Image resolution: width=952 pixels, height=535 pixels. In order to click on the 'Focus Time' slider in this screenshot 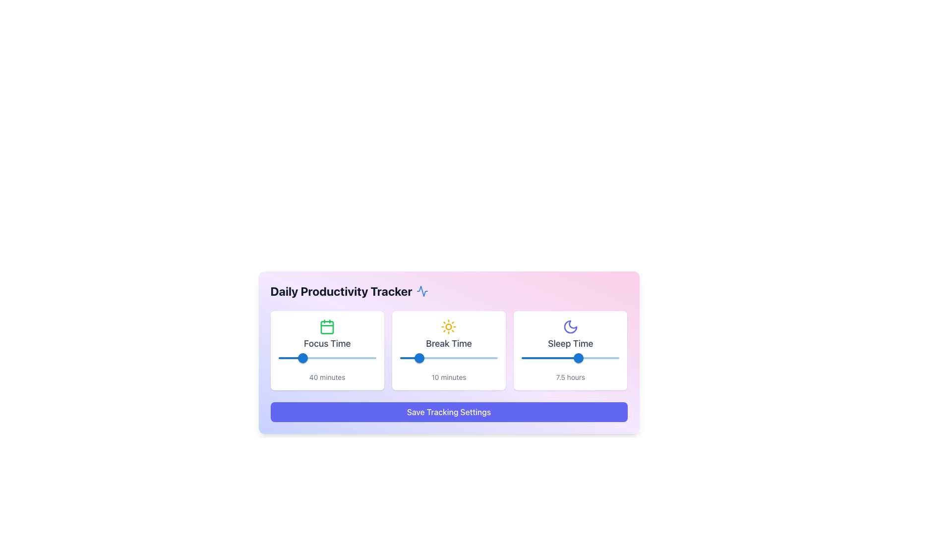, I will do `click(291, 357)`.